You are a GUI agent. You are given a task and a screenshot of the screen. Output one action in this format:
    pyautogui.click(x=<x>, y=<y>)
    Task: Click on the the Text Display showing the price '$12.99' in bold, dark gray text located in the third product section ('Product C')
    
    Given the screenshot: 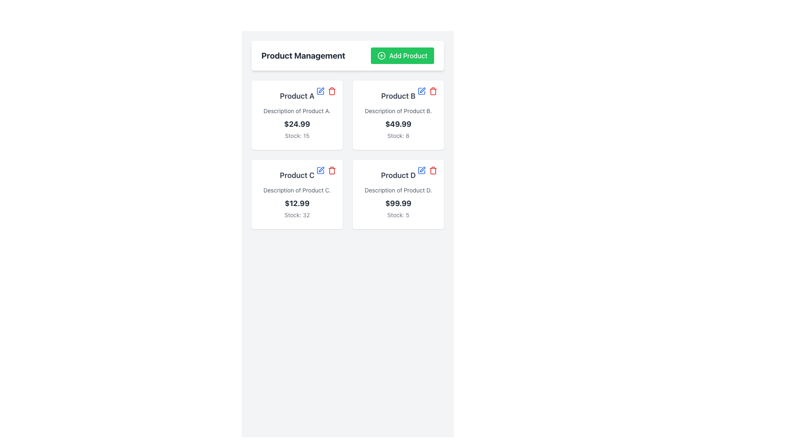 What is the action you would take?
    pyautogui.click(x=297, y=204)
    